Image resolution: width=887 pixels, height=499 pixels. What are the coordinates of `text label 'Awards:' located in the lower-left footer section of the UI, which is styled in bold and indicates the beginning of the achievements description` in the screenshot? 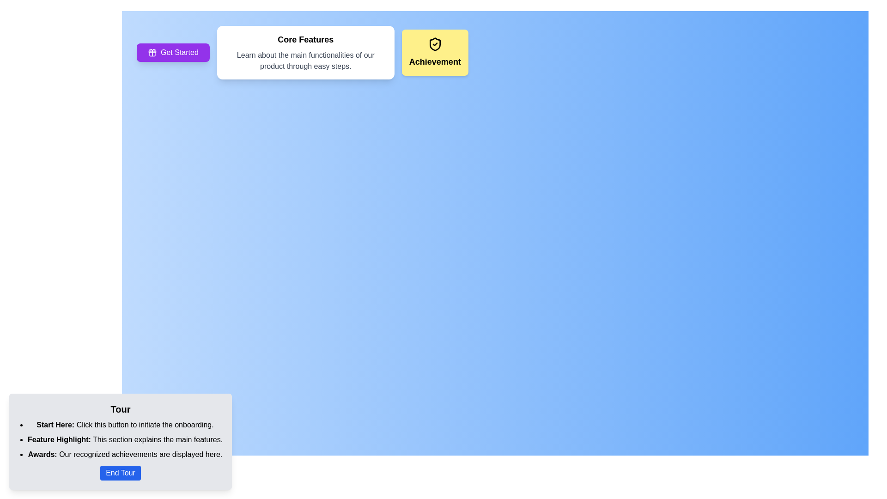 It's located at (42, 454).